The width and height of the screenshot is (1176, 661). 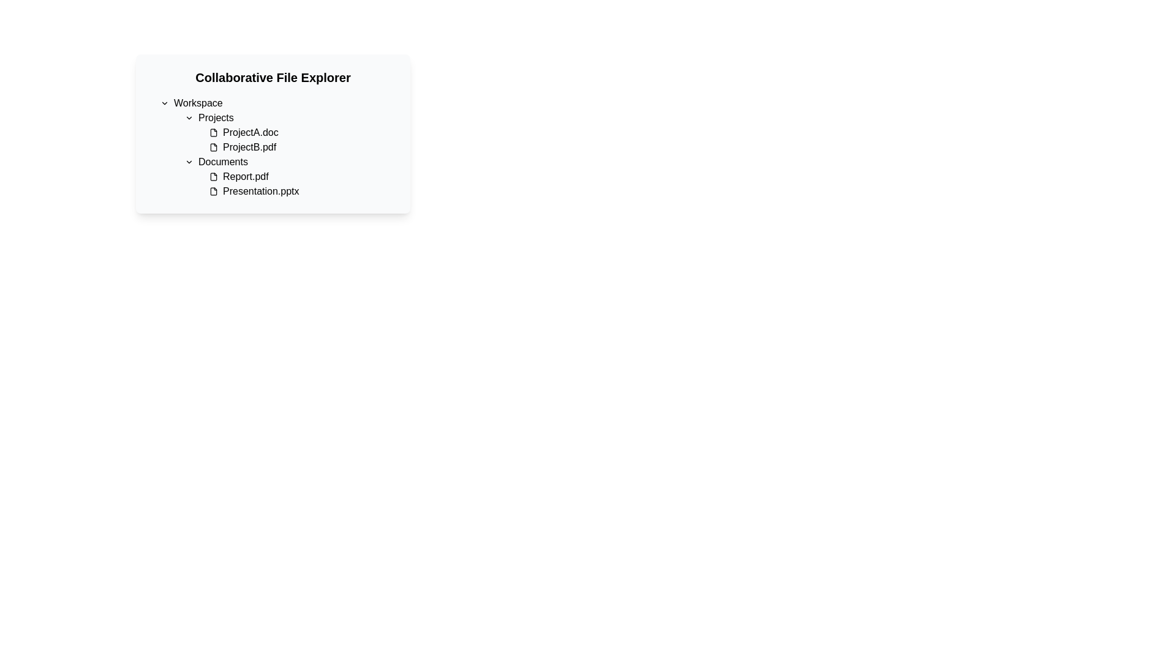 What do you see at coordinates (223, 162) in the screenshot?
I see `the chevron icon to the left of the 'Documents' text label` at bounding box center [223, 162].